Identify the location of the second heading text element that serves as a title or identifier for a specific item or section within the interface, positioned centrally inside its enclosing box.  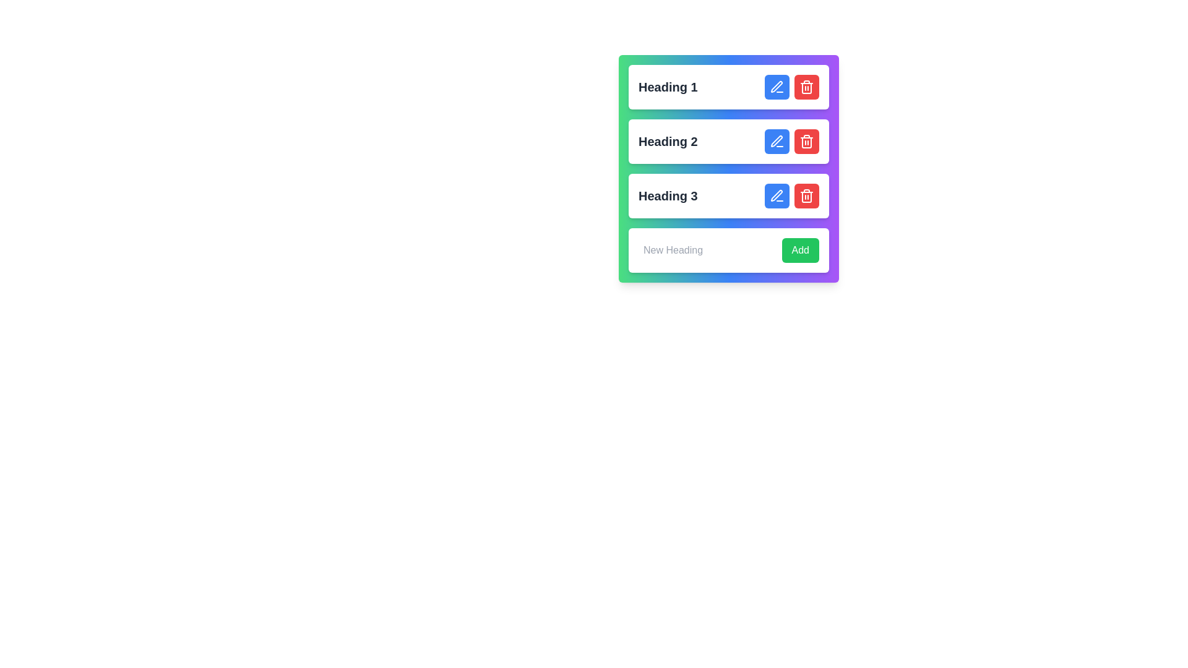
(667, 140).